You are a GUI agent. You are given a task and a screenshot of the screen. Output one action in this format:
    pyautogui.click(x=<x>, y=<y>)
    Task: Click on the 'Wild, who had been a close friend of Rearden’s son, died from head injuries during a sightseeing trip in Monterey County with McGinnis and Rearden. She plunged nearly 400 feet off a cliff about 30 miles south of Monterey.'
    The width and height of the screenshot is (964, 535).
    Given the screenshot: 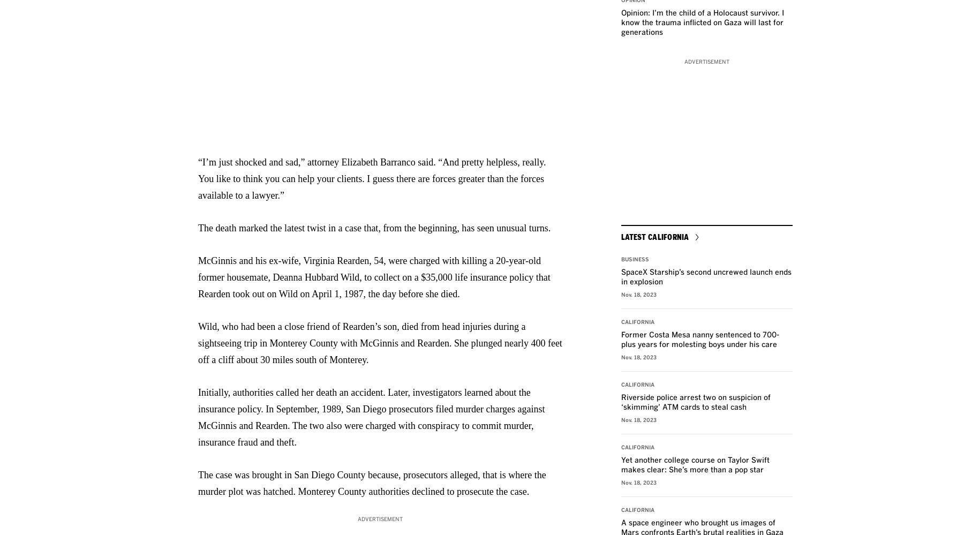 What is the action you would take?
    pyautogui.click(x=379, y=342)
    